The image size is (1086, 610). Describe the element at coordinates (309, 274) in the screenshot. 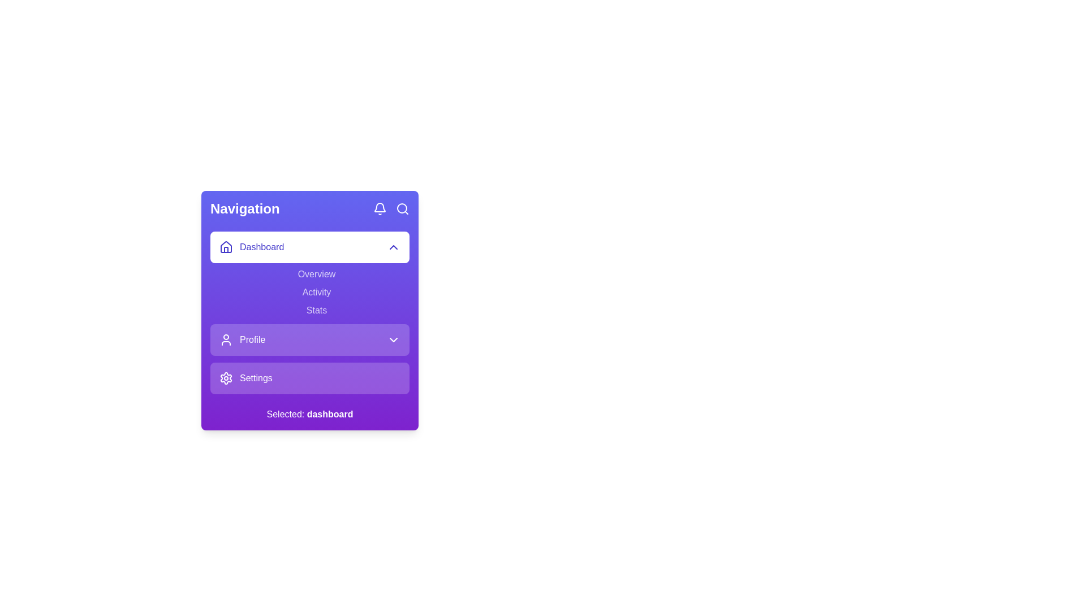

I see `the dropdown menu items in the navigation panel under the 'Dashboard' header` at that location.